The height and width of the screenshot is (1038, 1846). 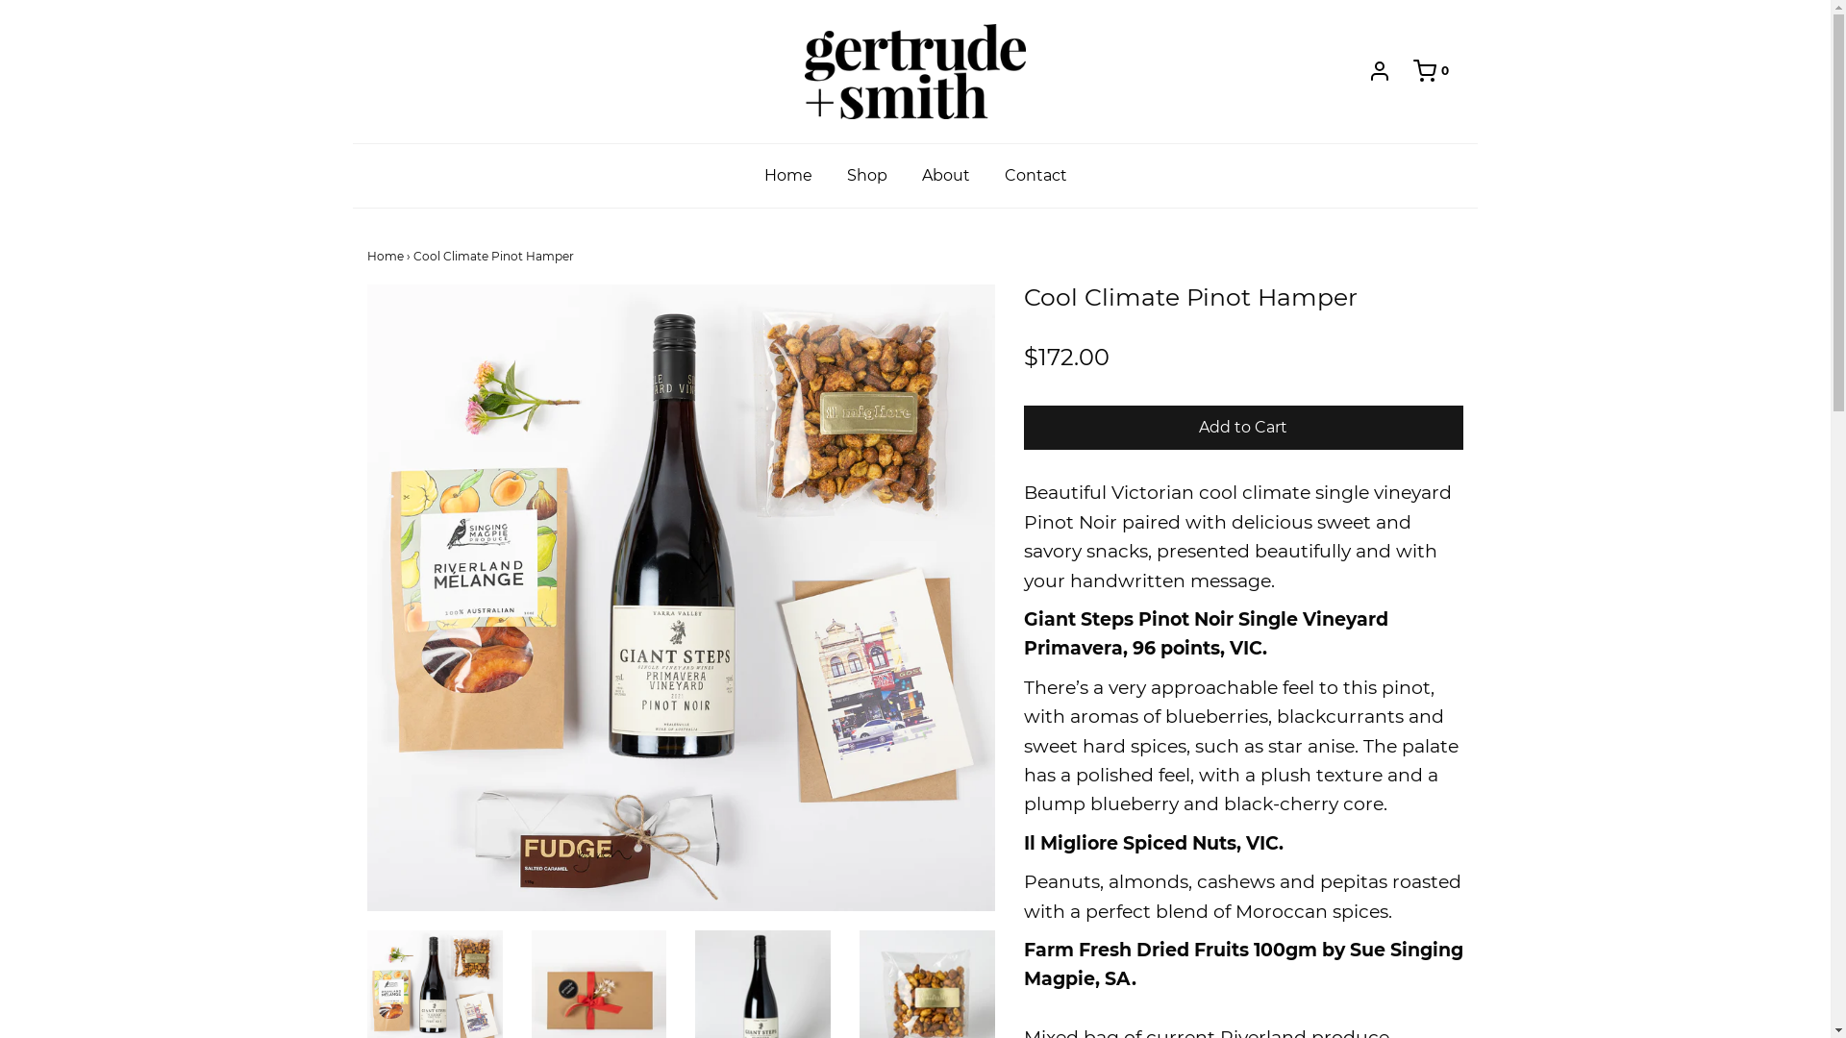 I want to click on 'Shop', so click(x=866, y=175).